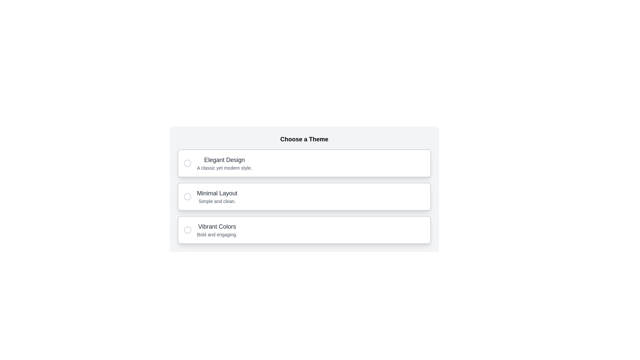  Describe the element at coordinates (224, 160) in the screenshot. I see `the static text that serves as the title for the first selectable theme option located under 'Choose a Theme' at the upper center of the interface` at that location.